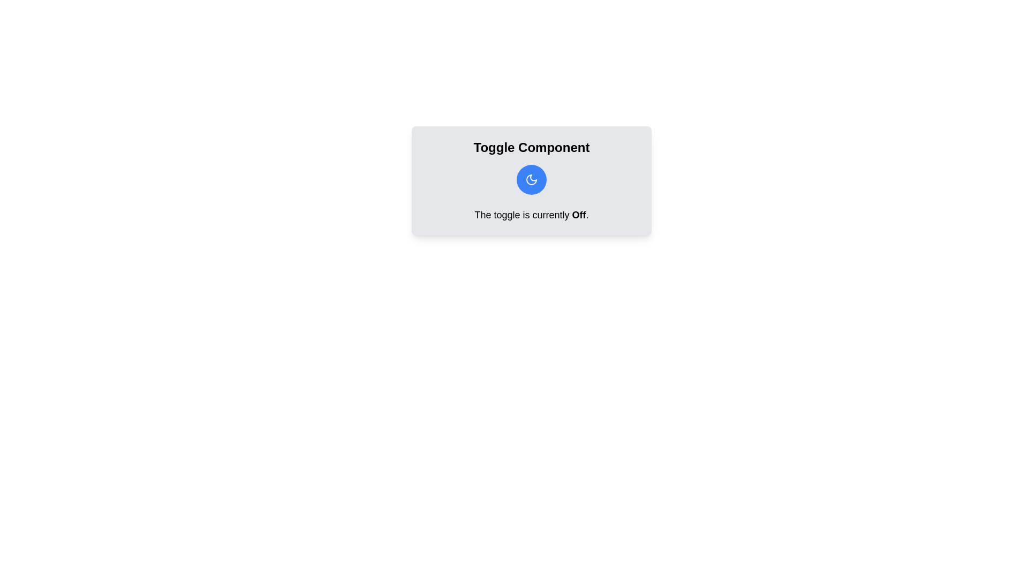 Image resolution: width=1028 pixels, height=578 pixels. I want to click on the button to observe visual feedback, so click(532, 179).